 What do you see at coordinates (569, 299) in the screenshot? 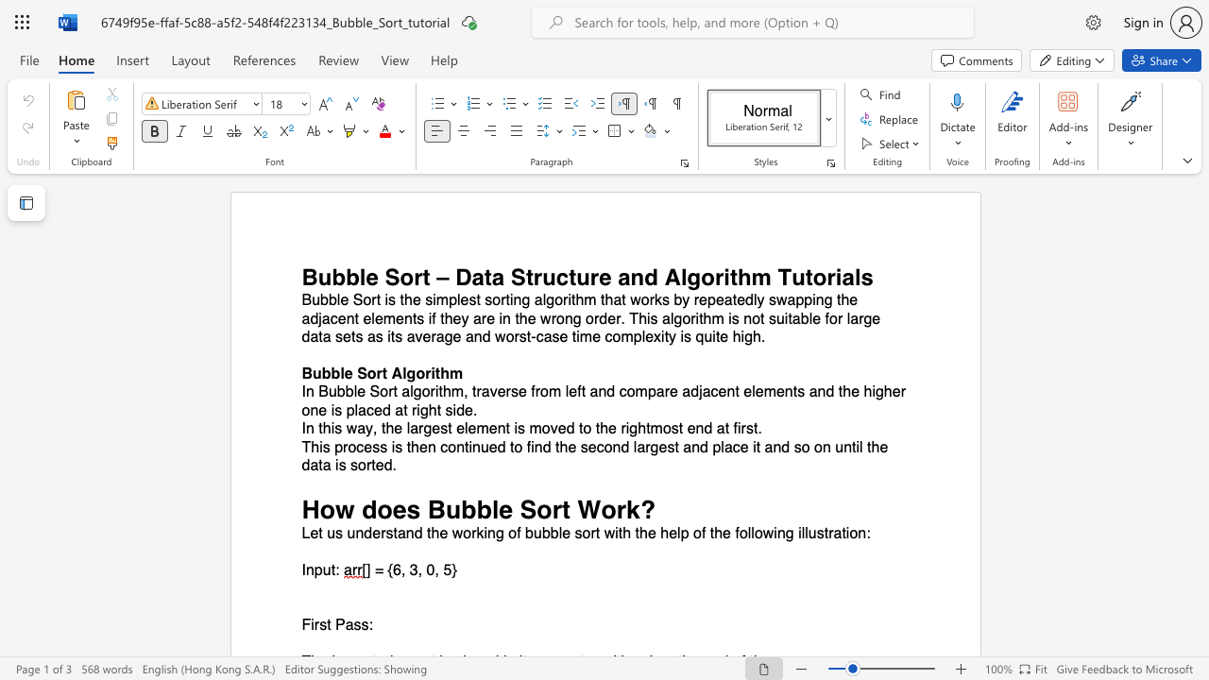
I see `the 4th character "i" in the text` at bounding box center [569, 299].